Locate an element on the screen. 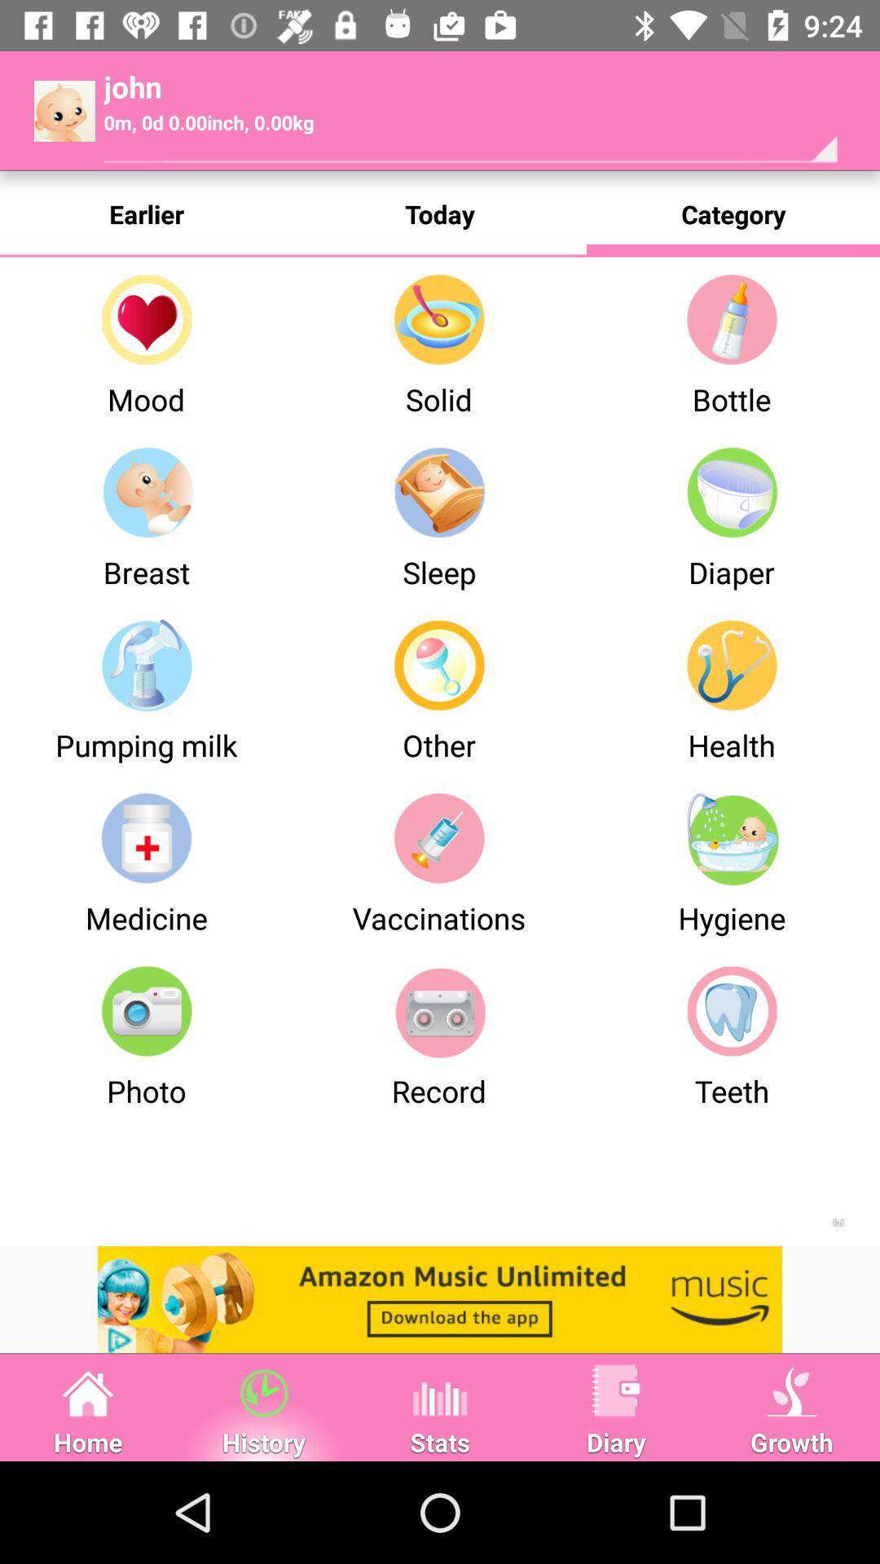  follow the banner is located at coordinates (440, 1298).